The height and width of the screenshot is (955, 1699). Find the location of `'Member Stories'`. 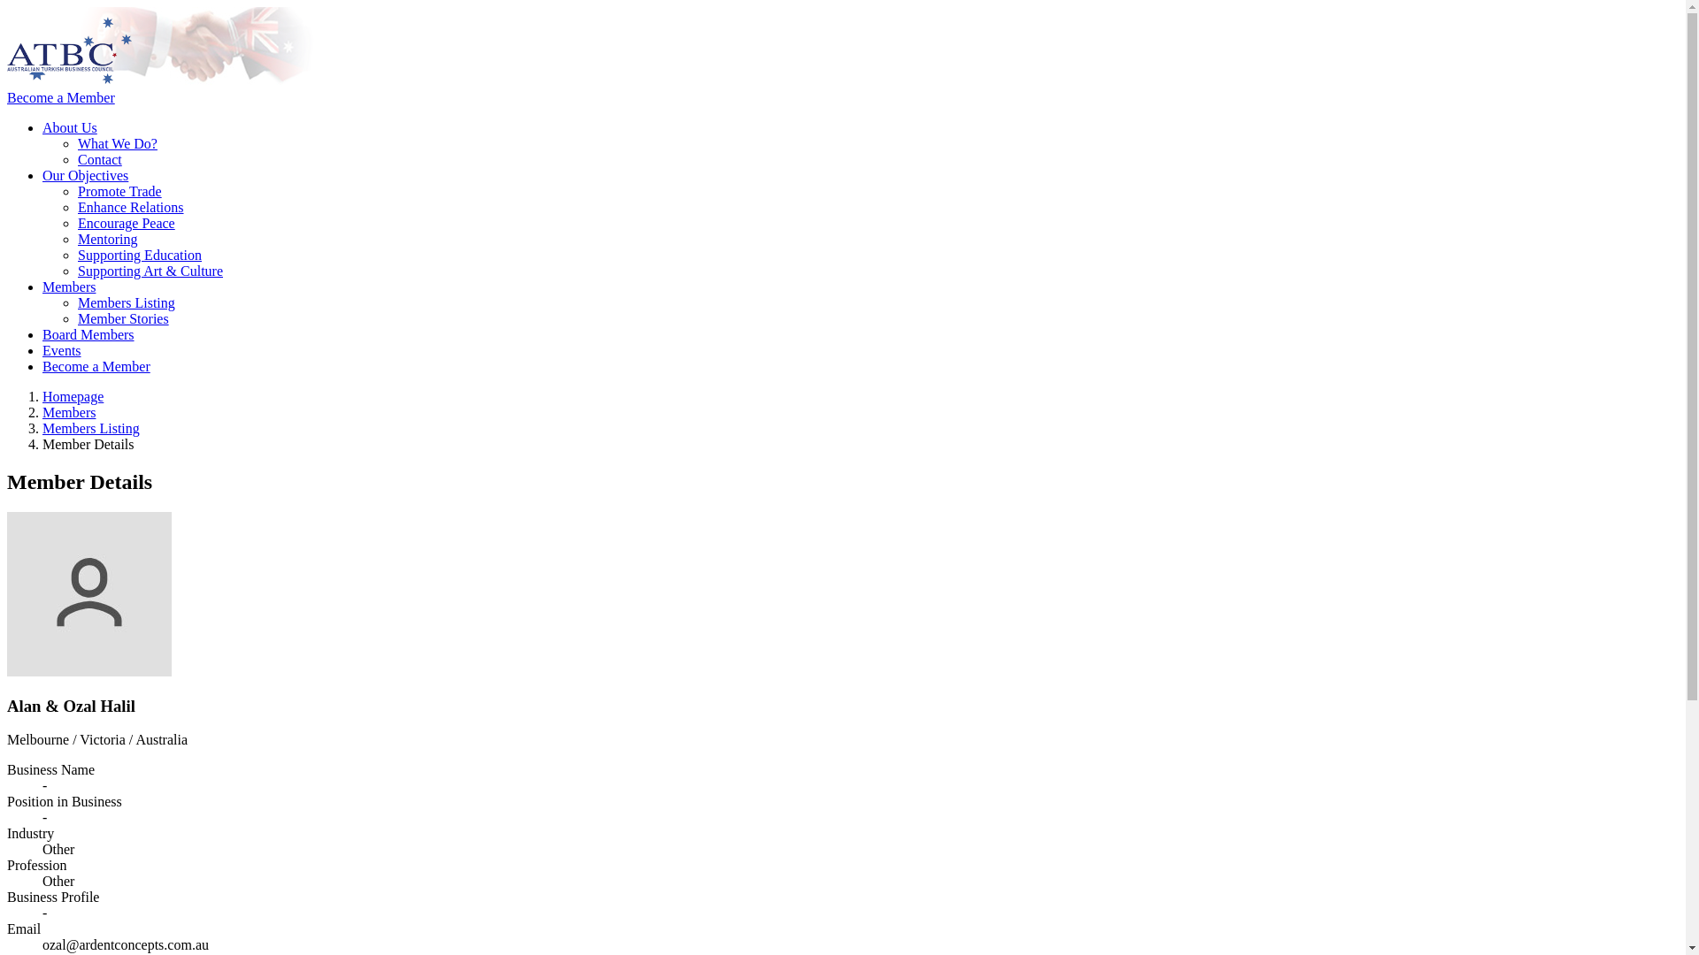

'Member Stories' is located at coordinates (122, 318).